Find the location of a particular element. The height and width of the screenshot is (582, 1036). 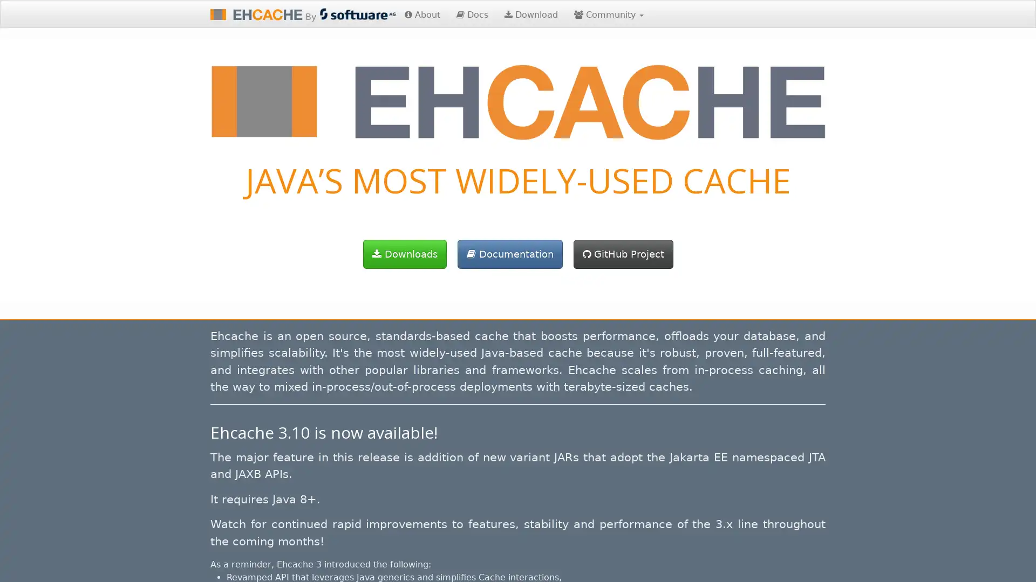

Downloads is located at coordinates (404, 253).